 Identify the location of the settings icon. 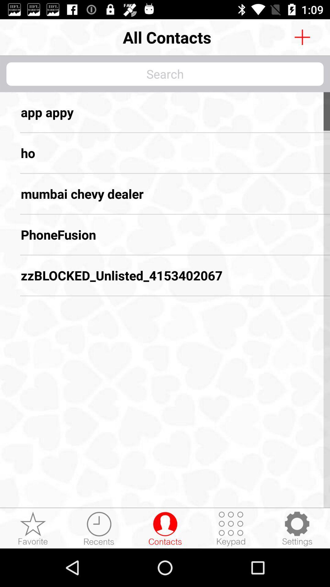
(297, 528).